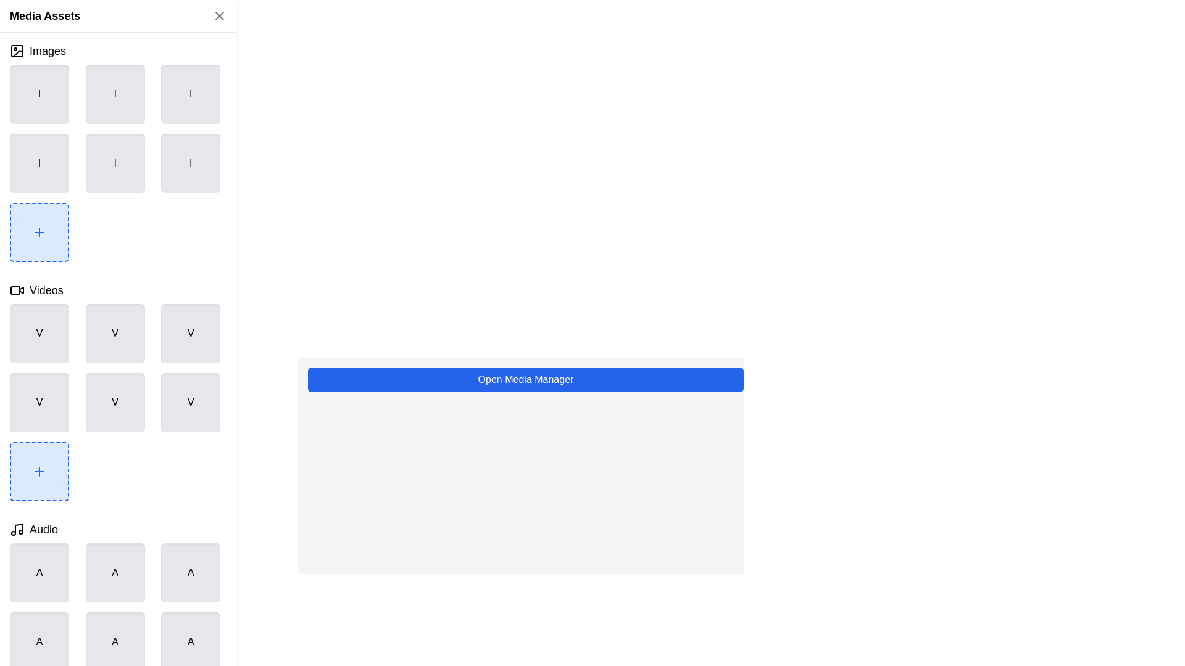  I want to click on the Close button located at the top-right corner of the 'Media Assets' panel for keyboard interaction, so click(219, 16).